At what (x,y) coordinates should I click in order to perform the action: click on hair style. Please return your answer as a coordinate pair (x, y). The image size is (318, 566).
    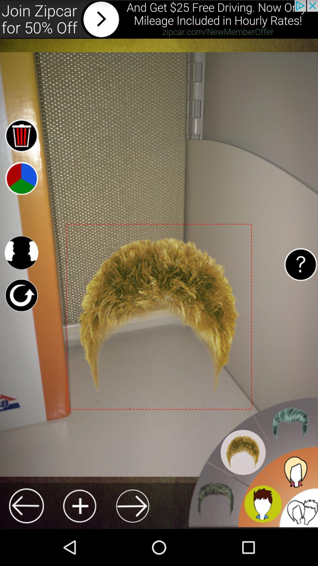
    Looking at the image, I should click on (79, 506).